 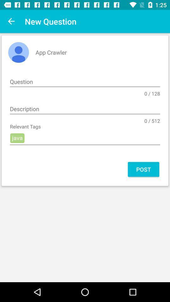 What do you see at coordinates (85, 109) in the screenshot?
I see `item below 0 / 128` at bounding box center [85, 109].